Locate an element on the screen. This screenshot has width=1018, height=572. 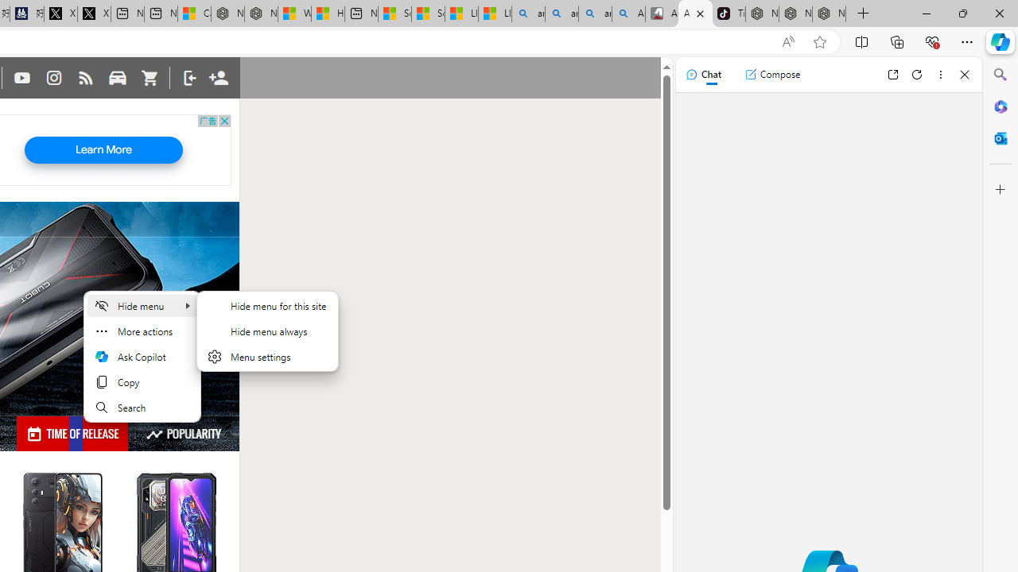
'Wildlife - MSN' is located at coordinates (293, 14).